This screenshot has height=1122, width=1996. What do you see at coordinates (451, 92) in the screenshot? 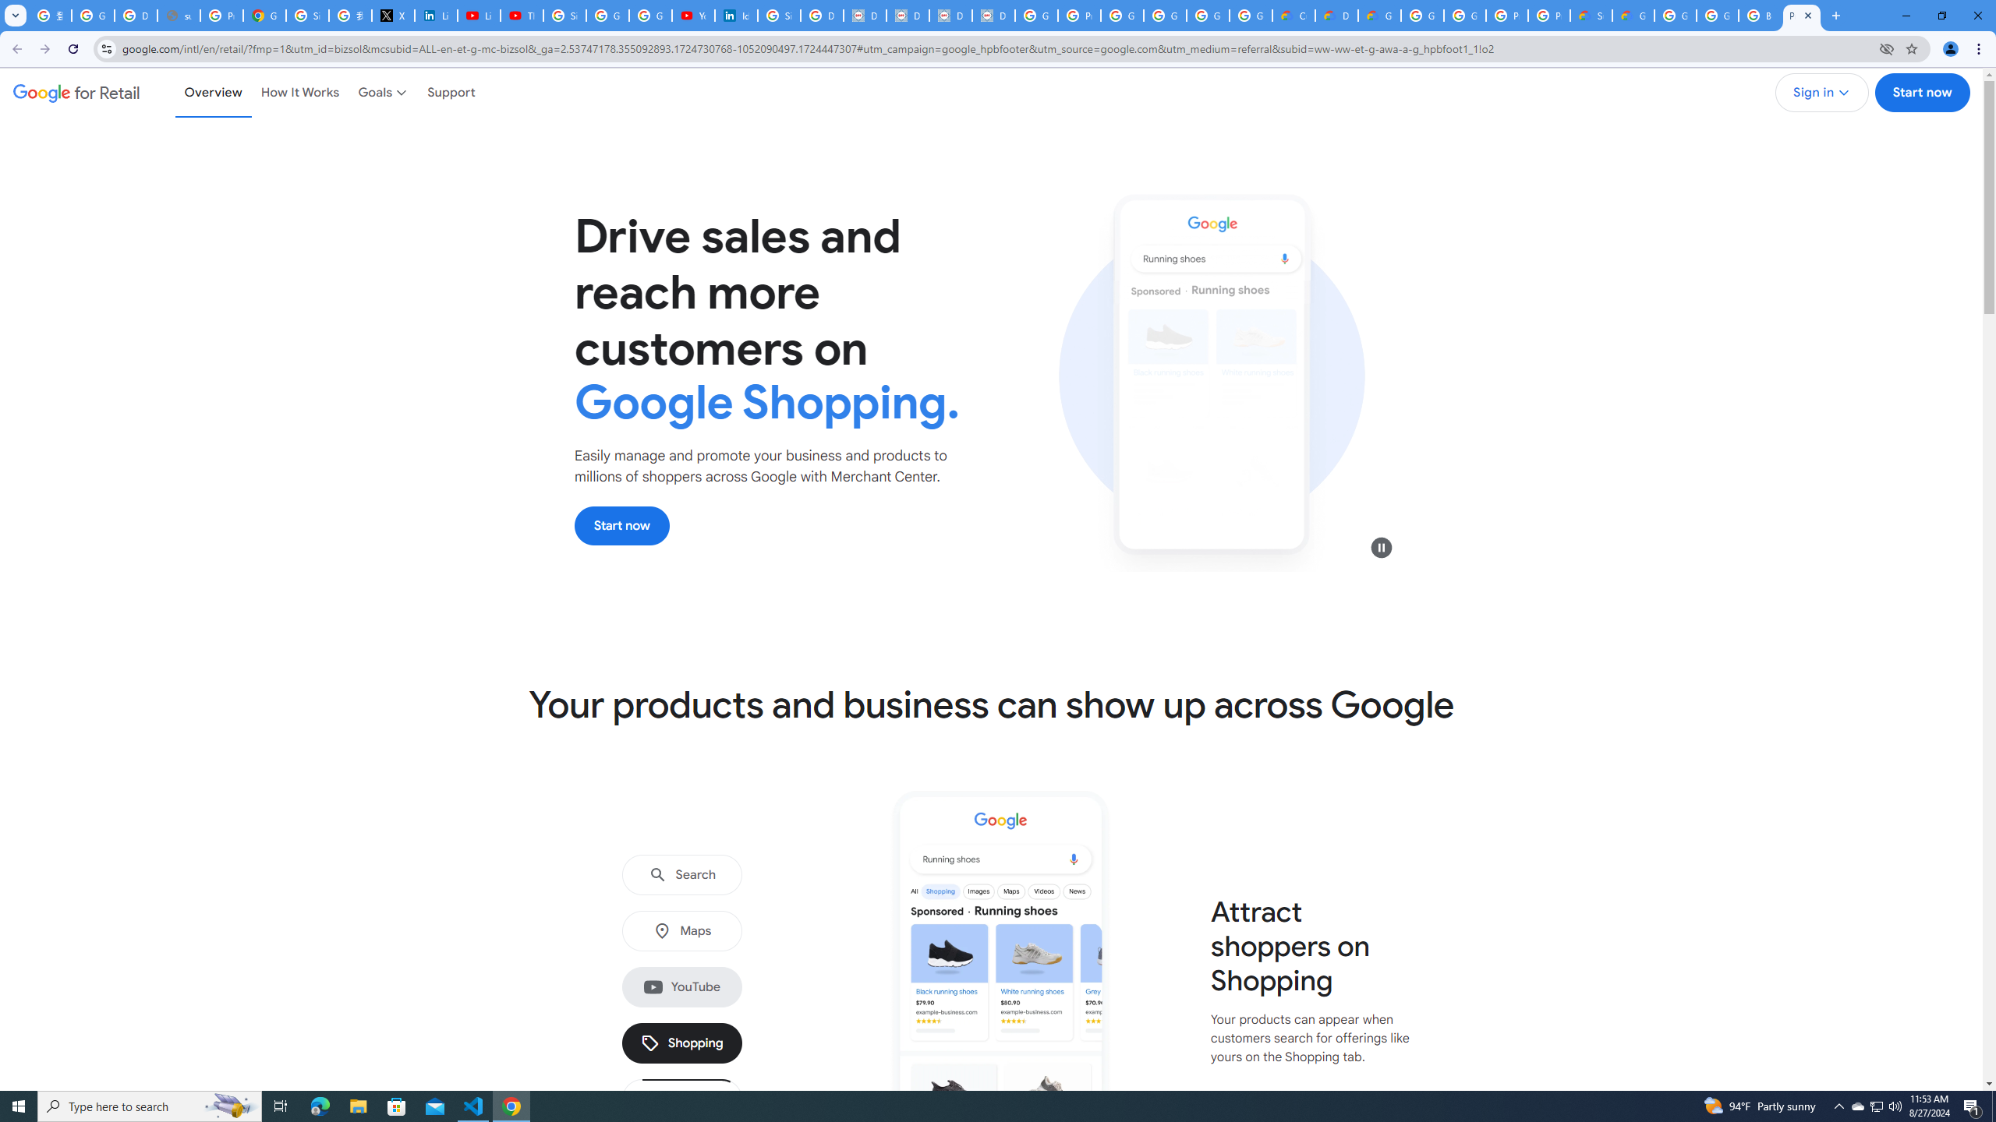
I see `'Support'` at bounding box center [451, 92].